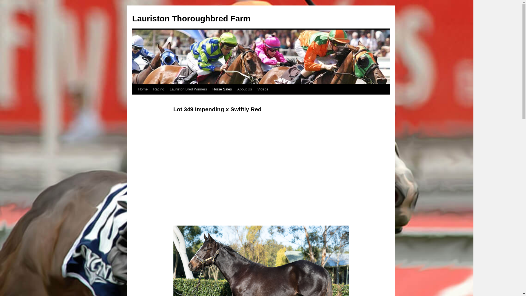 This screenshot has width=526, height=296. Describe the element at coordinates (167, 89) in the screenshot. I see `'Lauriston Bred Winners'` at that location.